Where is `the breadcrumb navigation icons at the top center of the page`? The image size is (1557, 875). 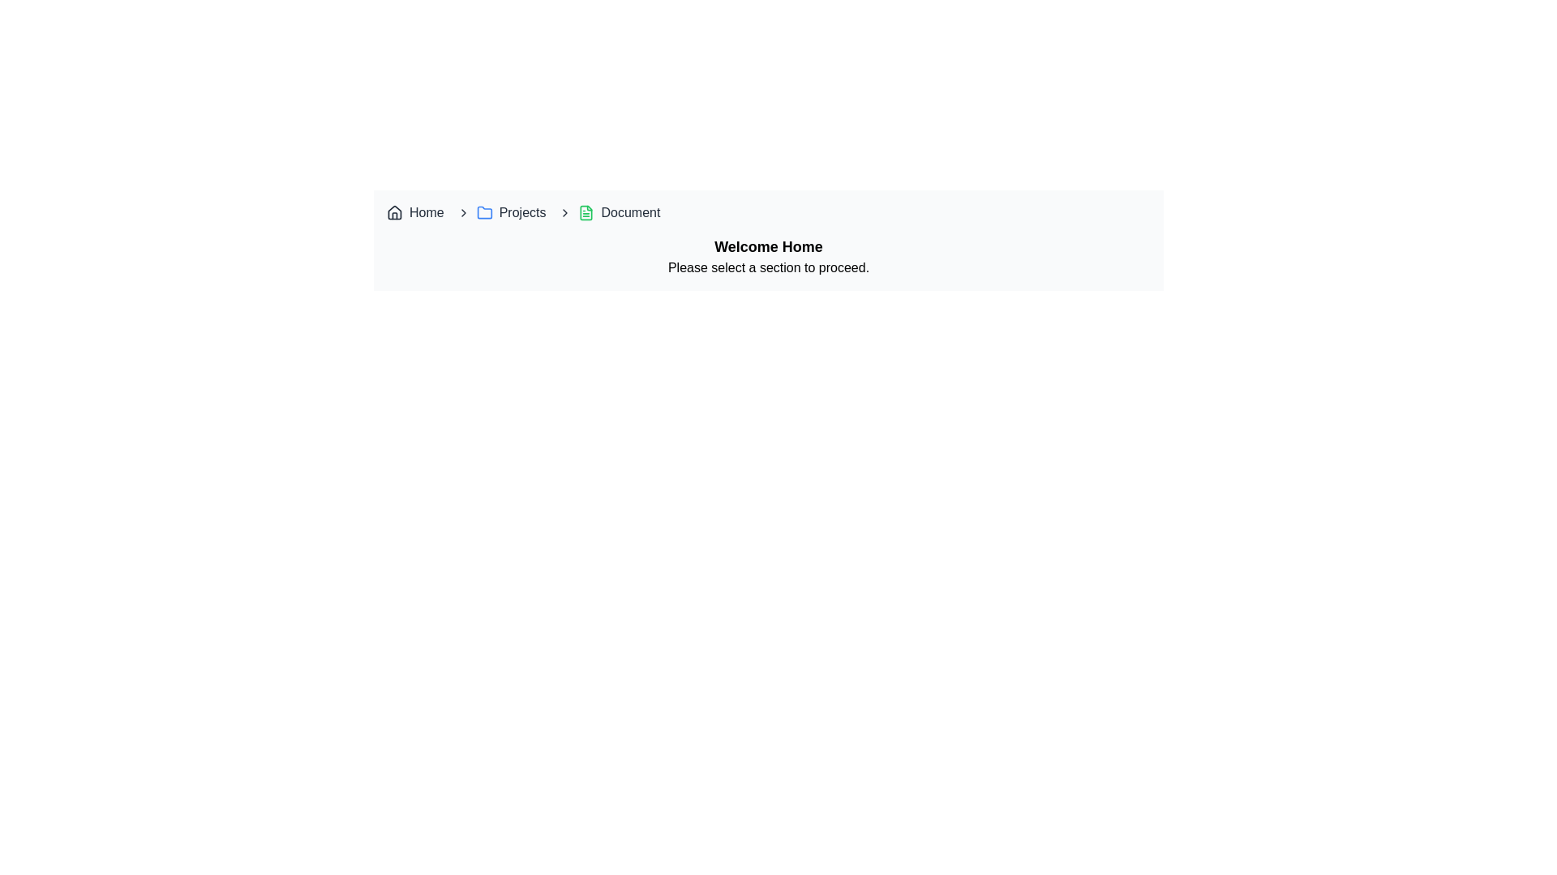
the breadcrumb navigation icons at the top center of the page is located at coordinates (768, 211).